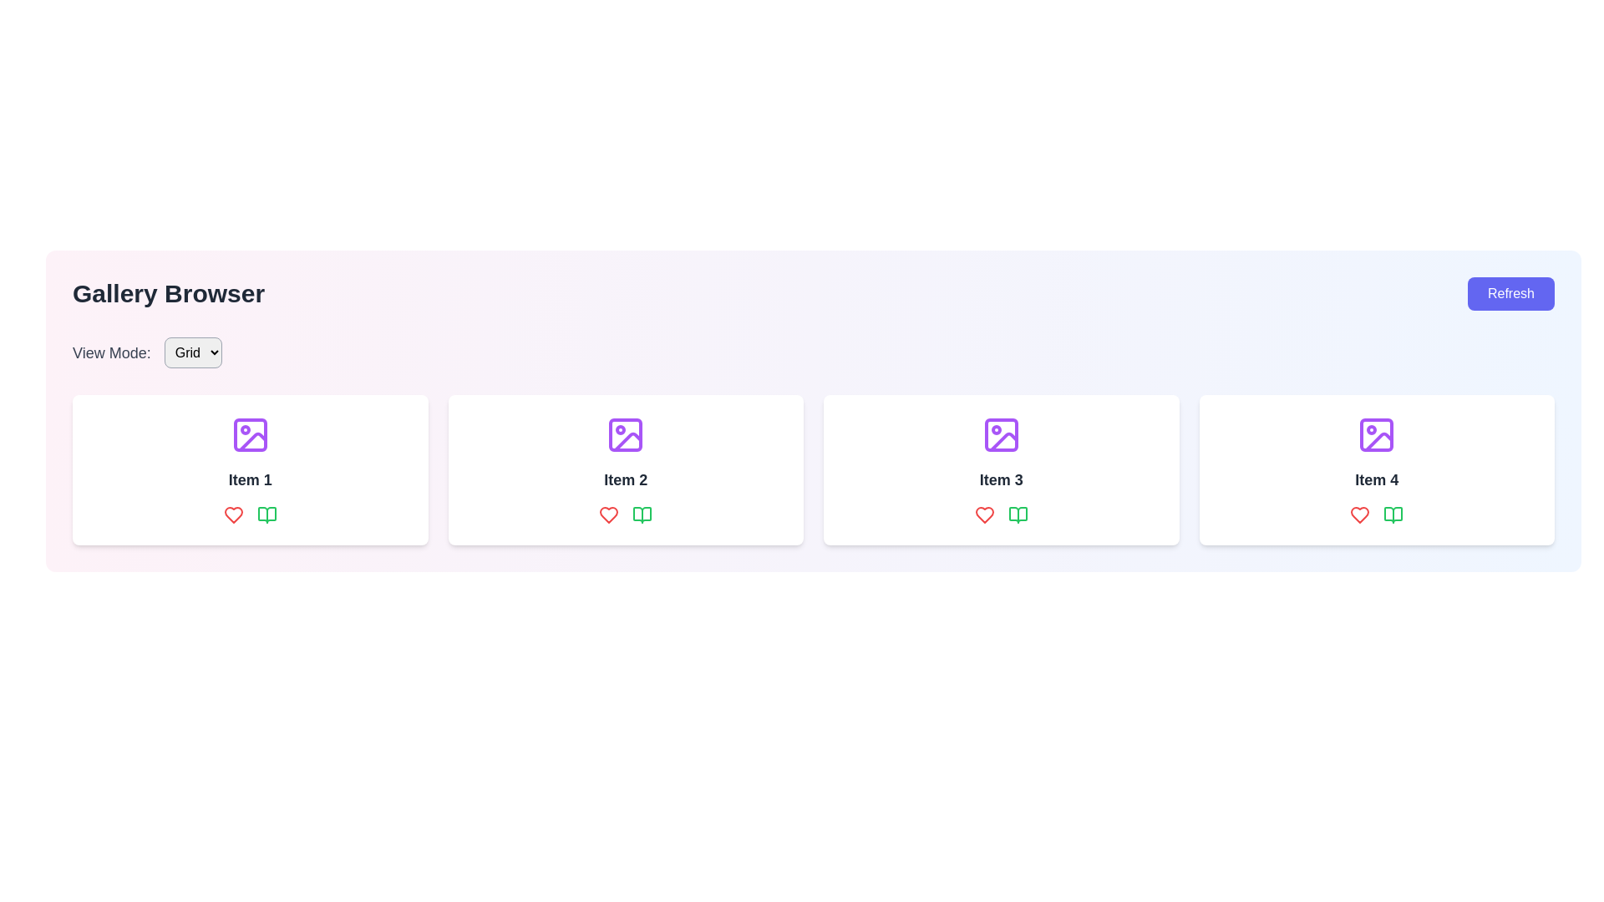  What do you see at coordinates (625, 470) in the screenshot?
I see `the second card component in the grid layout` at bounding box center [625, 470].